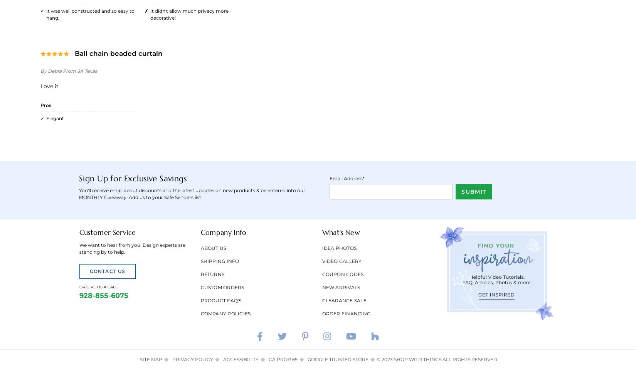  What do you see at coordinates (45, 104) in the screenshot?
I see `'Pros'` at bounding box center [45, 104].